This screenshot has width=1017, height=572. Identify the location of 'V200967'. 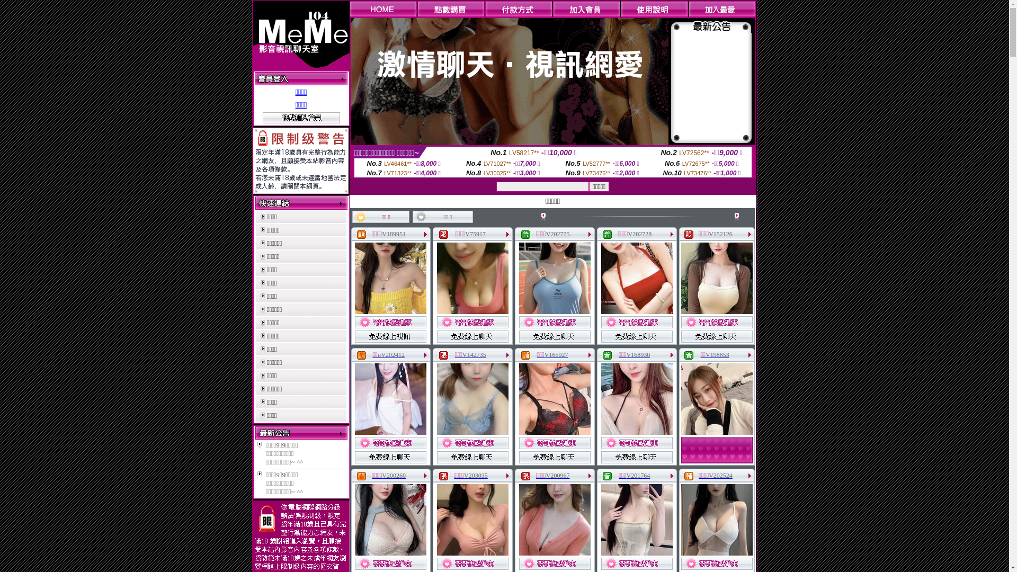
(557, 475).